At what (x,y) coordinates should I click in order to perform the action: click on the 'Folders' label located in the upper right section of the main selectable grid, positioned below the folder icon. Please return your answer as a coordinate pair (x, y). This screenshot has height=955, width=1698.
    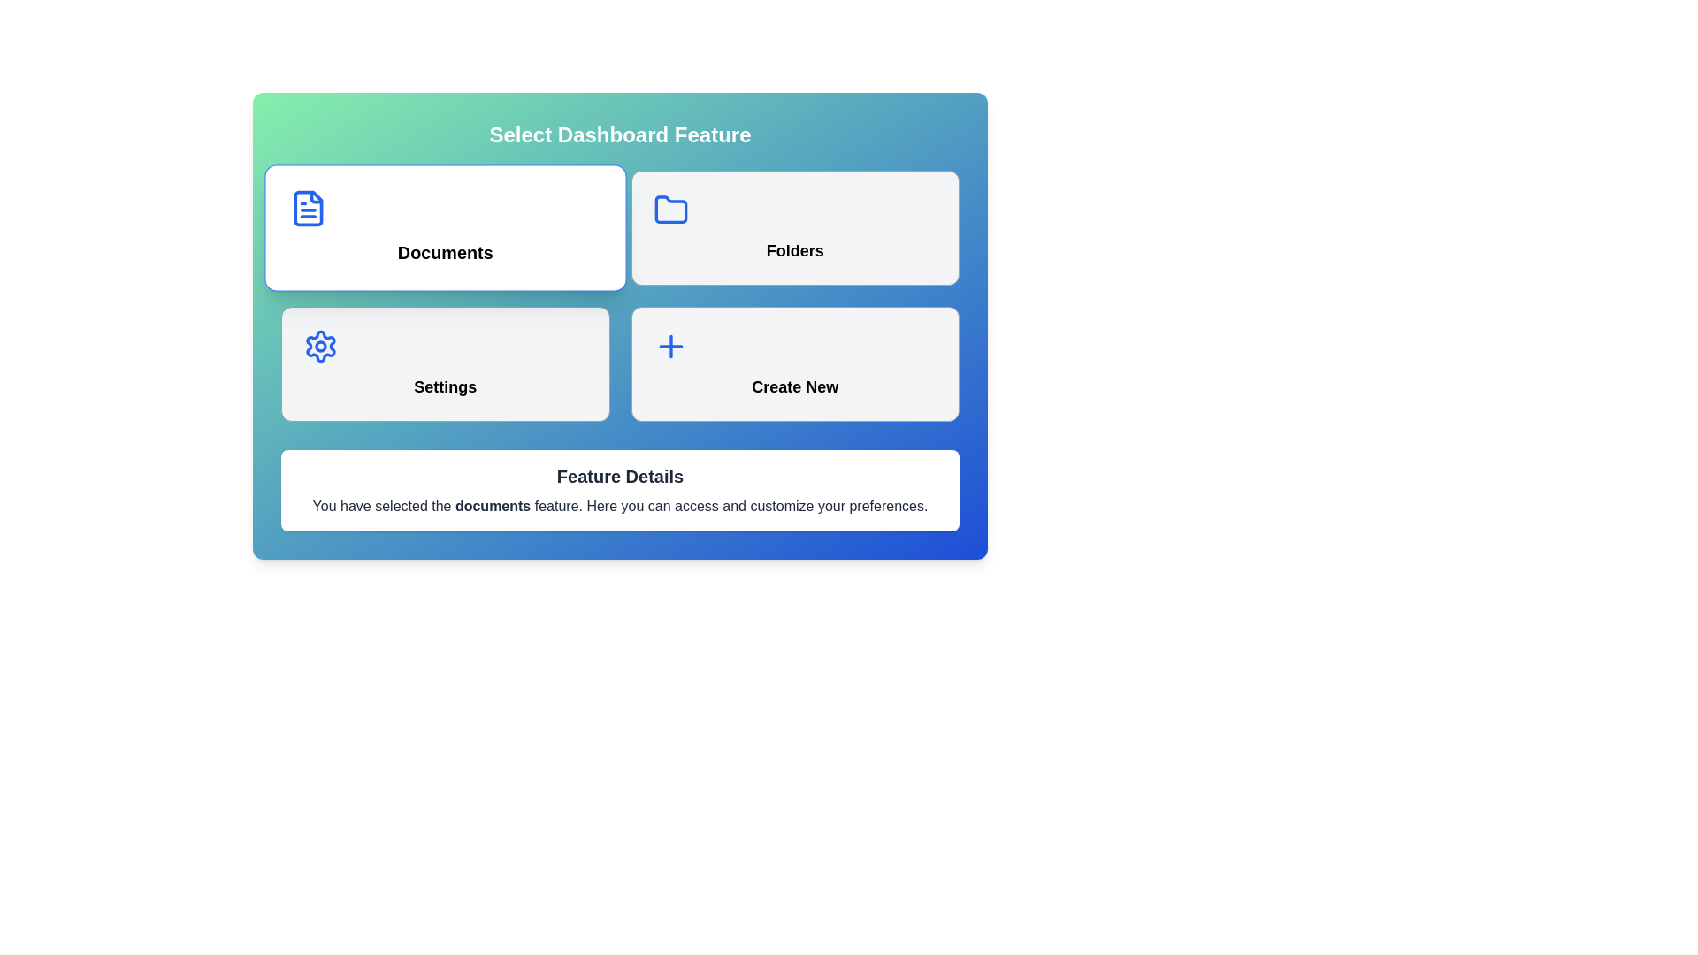
    Looking at the image, I should click on (794, 251).